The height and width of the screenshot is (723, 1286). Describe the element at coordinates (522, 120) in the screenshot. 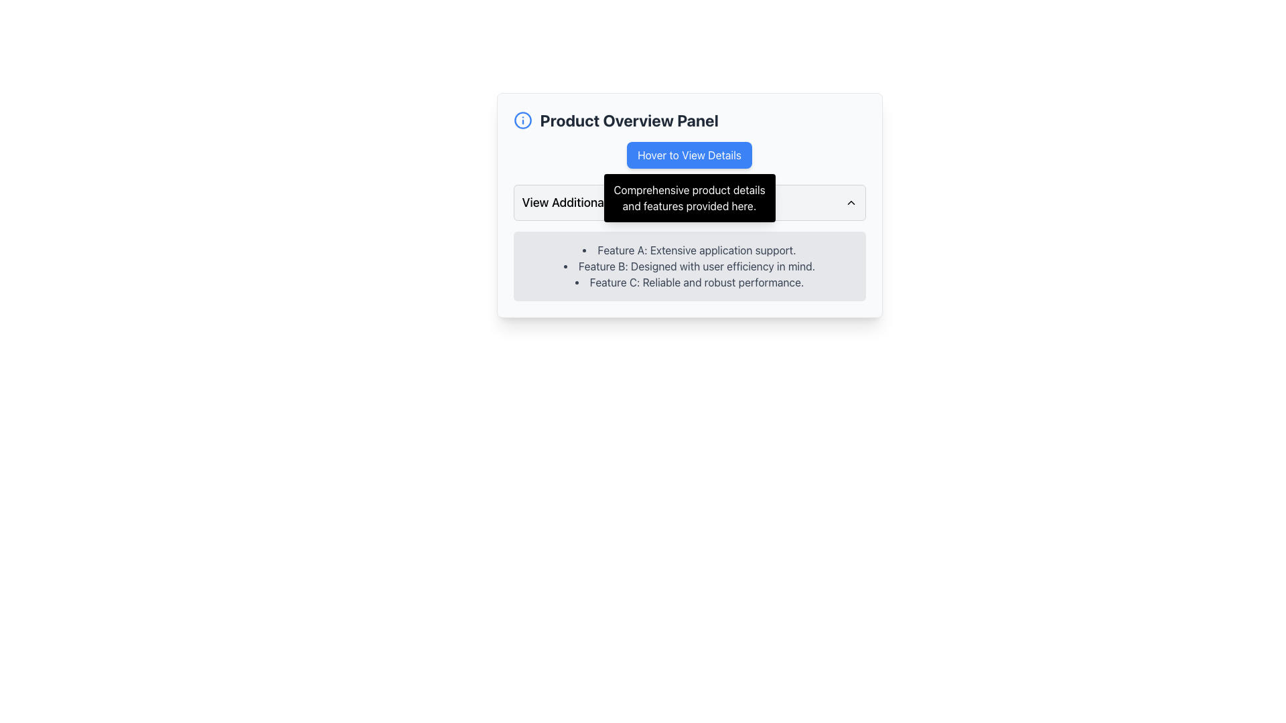

I see `the blue circular SVG element that is part of the information icon in the 'Product Overview Panel'` at that location.